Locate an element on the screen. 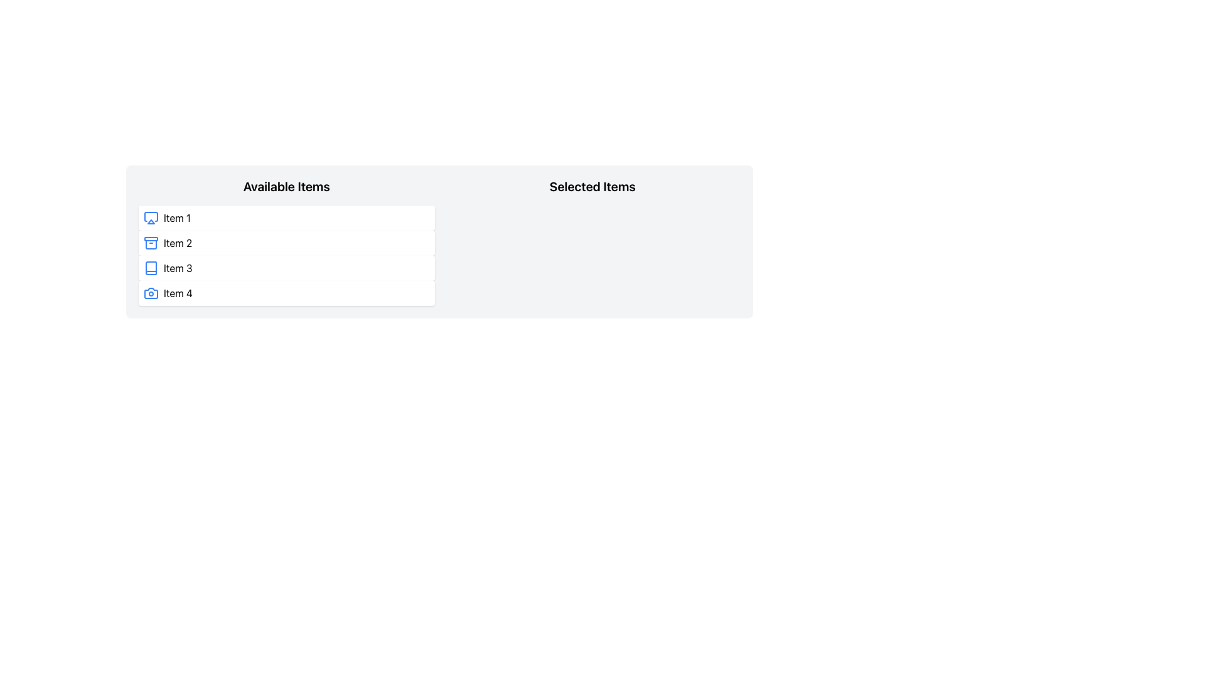 The image size is (1205, 677). the blue book icon located to the left of the text 'Item 3' in the third row of the 'Available Items' list is located at coordinates (151, 268).